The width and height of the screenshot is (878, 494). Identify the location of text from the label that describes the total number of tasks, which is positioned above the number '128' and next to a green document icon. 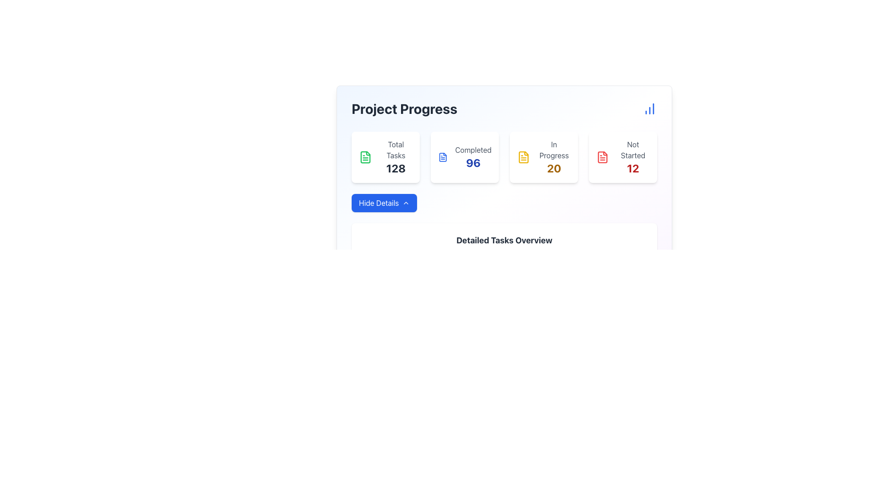
(396, 149).